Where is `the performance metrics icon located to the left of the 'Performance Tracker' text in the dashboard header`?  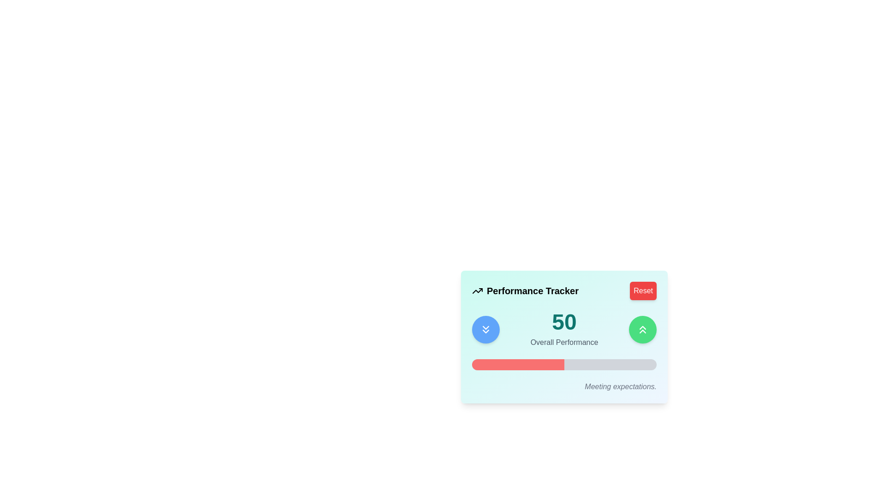
the performance metrics icon located to the left of the 'Performance Tracker' text in the dashboard header is located at coordinates (478, 291).